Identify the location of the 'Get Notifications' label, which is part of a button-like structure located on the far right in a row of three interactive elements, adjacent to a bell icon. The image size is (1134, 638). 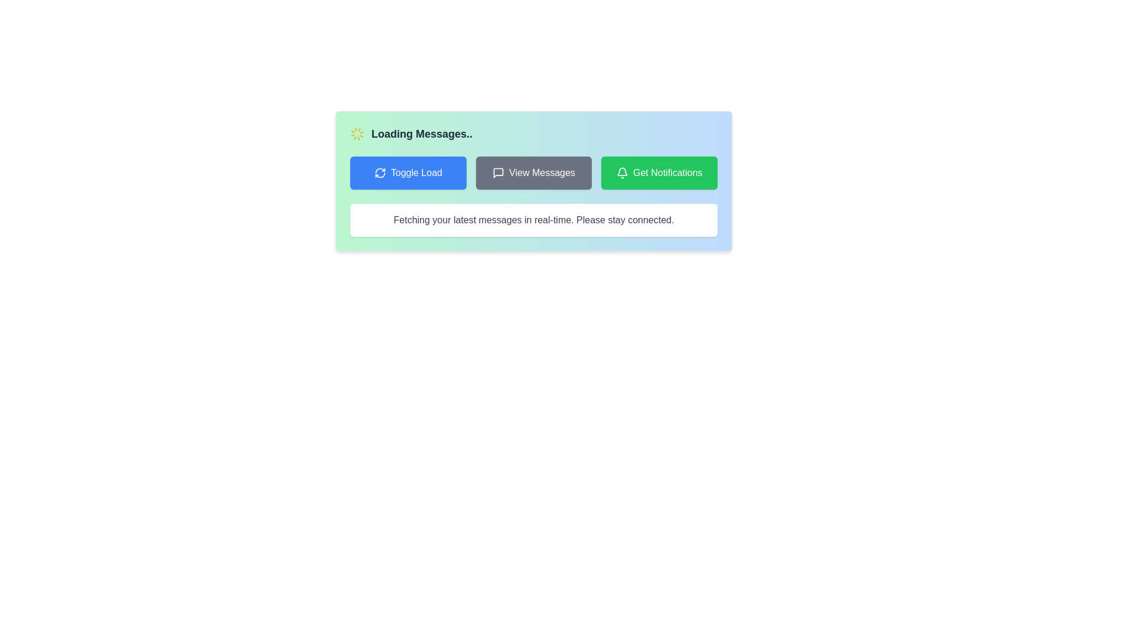
(667, 173).